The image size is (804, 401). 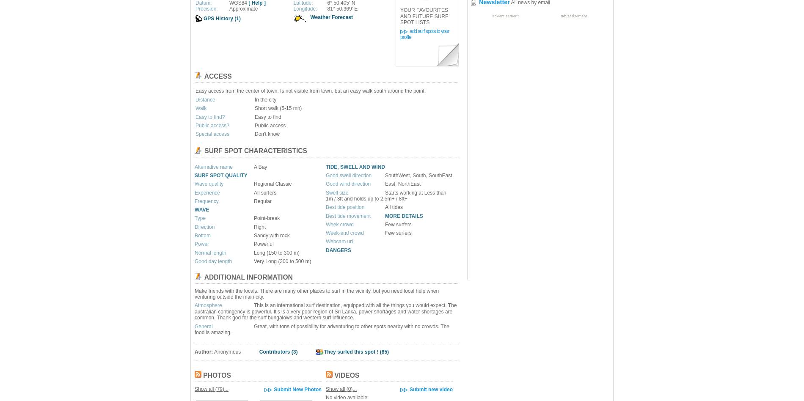 I want to click on 'Tide, Swell and Wind', so click(x=325, y=166).